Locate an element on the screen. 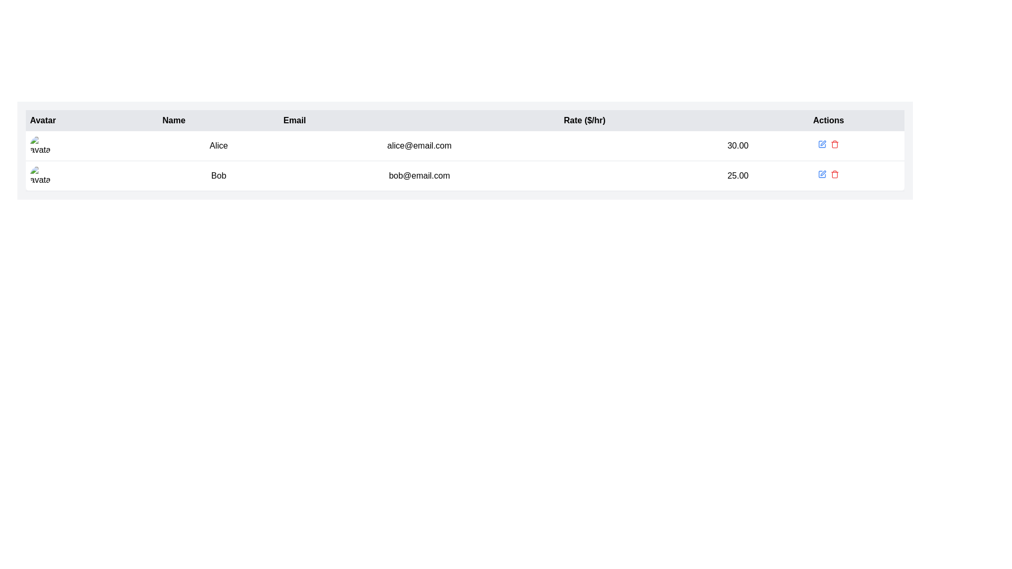 Image resolution: width=1012 pixels, height=569 pixels. the text label displaying 'bob@email.com' in the 'Email' column of the second row in the table is located at coordinates (419, 175).